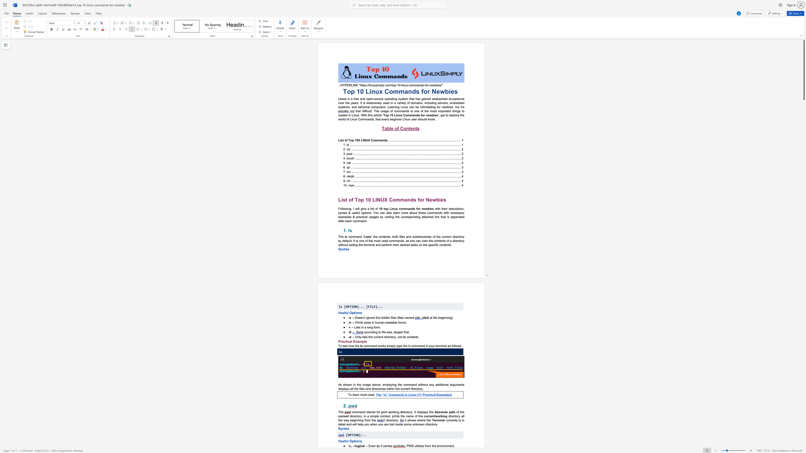  What do you see at coordinates (455, 240) in the screenshot?
I see `the subset text "rectory without exiting the terminal and perform their de" within the text "the contents, both files and subdirectories of the current directory by default. It is one of the most used commands, as one can view the contents of a directory without exiting the terminal and perform their desired tasks on the specific contents."` at bounding box center [455, 240].